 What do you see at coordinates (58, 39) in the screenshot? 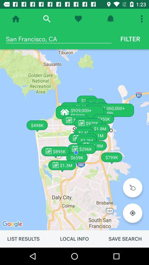
I see `the san francisco, ca icon` at bounding box center [58, 39].